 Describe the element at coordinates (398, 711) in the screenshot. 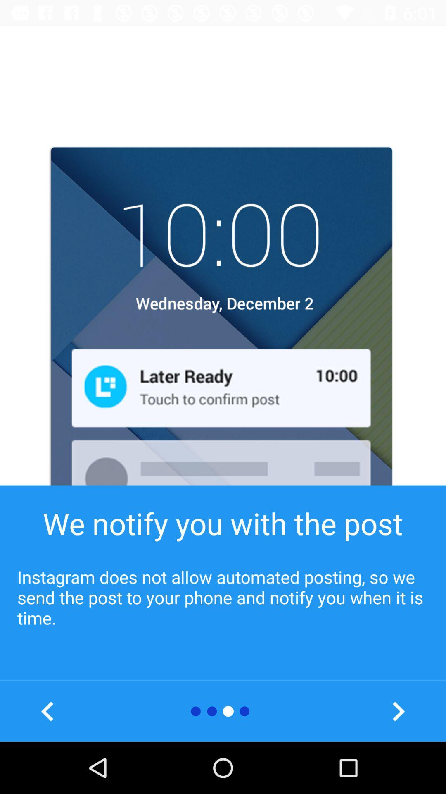

I see `next page` at that location.